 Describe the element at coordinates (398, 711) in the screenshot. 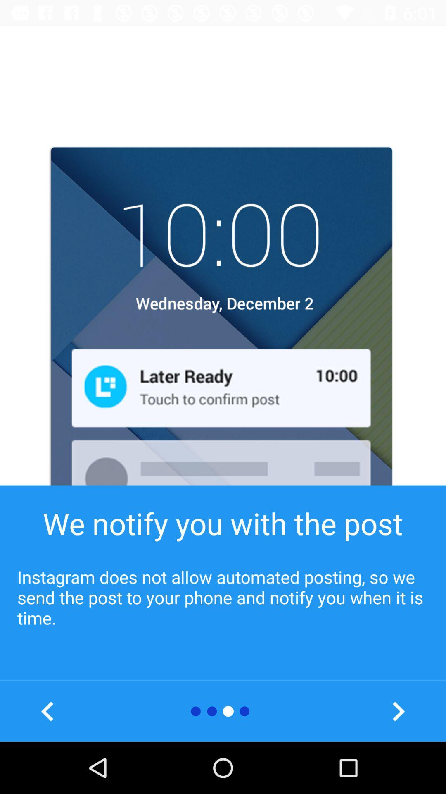

I see `next page` at that location.